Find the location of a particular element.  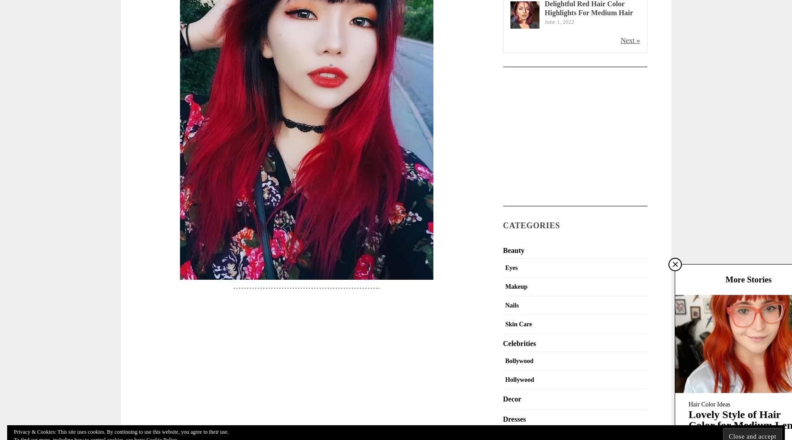

'Skin Care' is located at coordinates (518, 323).